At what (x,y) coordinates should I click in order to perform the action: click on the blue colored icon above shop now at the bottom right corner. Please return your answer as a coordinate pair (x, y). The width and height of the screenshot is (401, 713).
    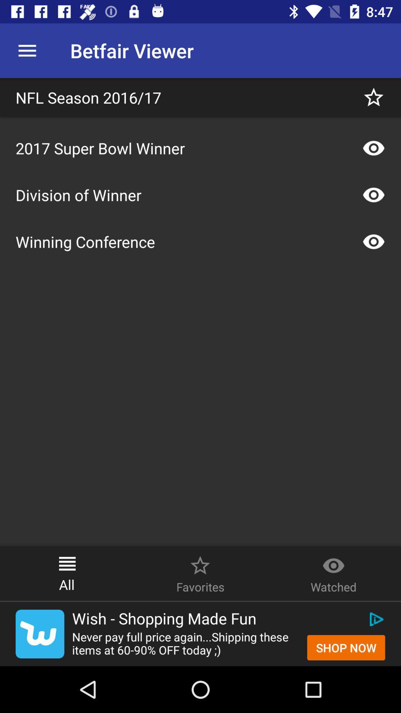
    Looking at the image, I should click on (375, 619).